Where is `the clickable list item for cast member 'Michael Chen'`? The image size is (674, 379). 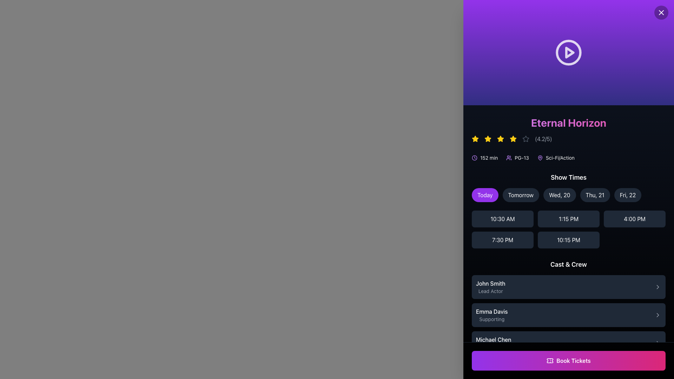
the clickable list item for cast member 'Michael Chen' is located at coordinates (569, 343).